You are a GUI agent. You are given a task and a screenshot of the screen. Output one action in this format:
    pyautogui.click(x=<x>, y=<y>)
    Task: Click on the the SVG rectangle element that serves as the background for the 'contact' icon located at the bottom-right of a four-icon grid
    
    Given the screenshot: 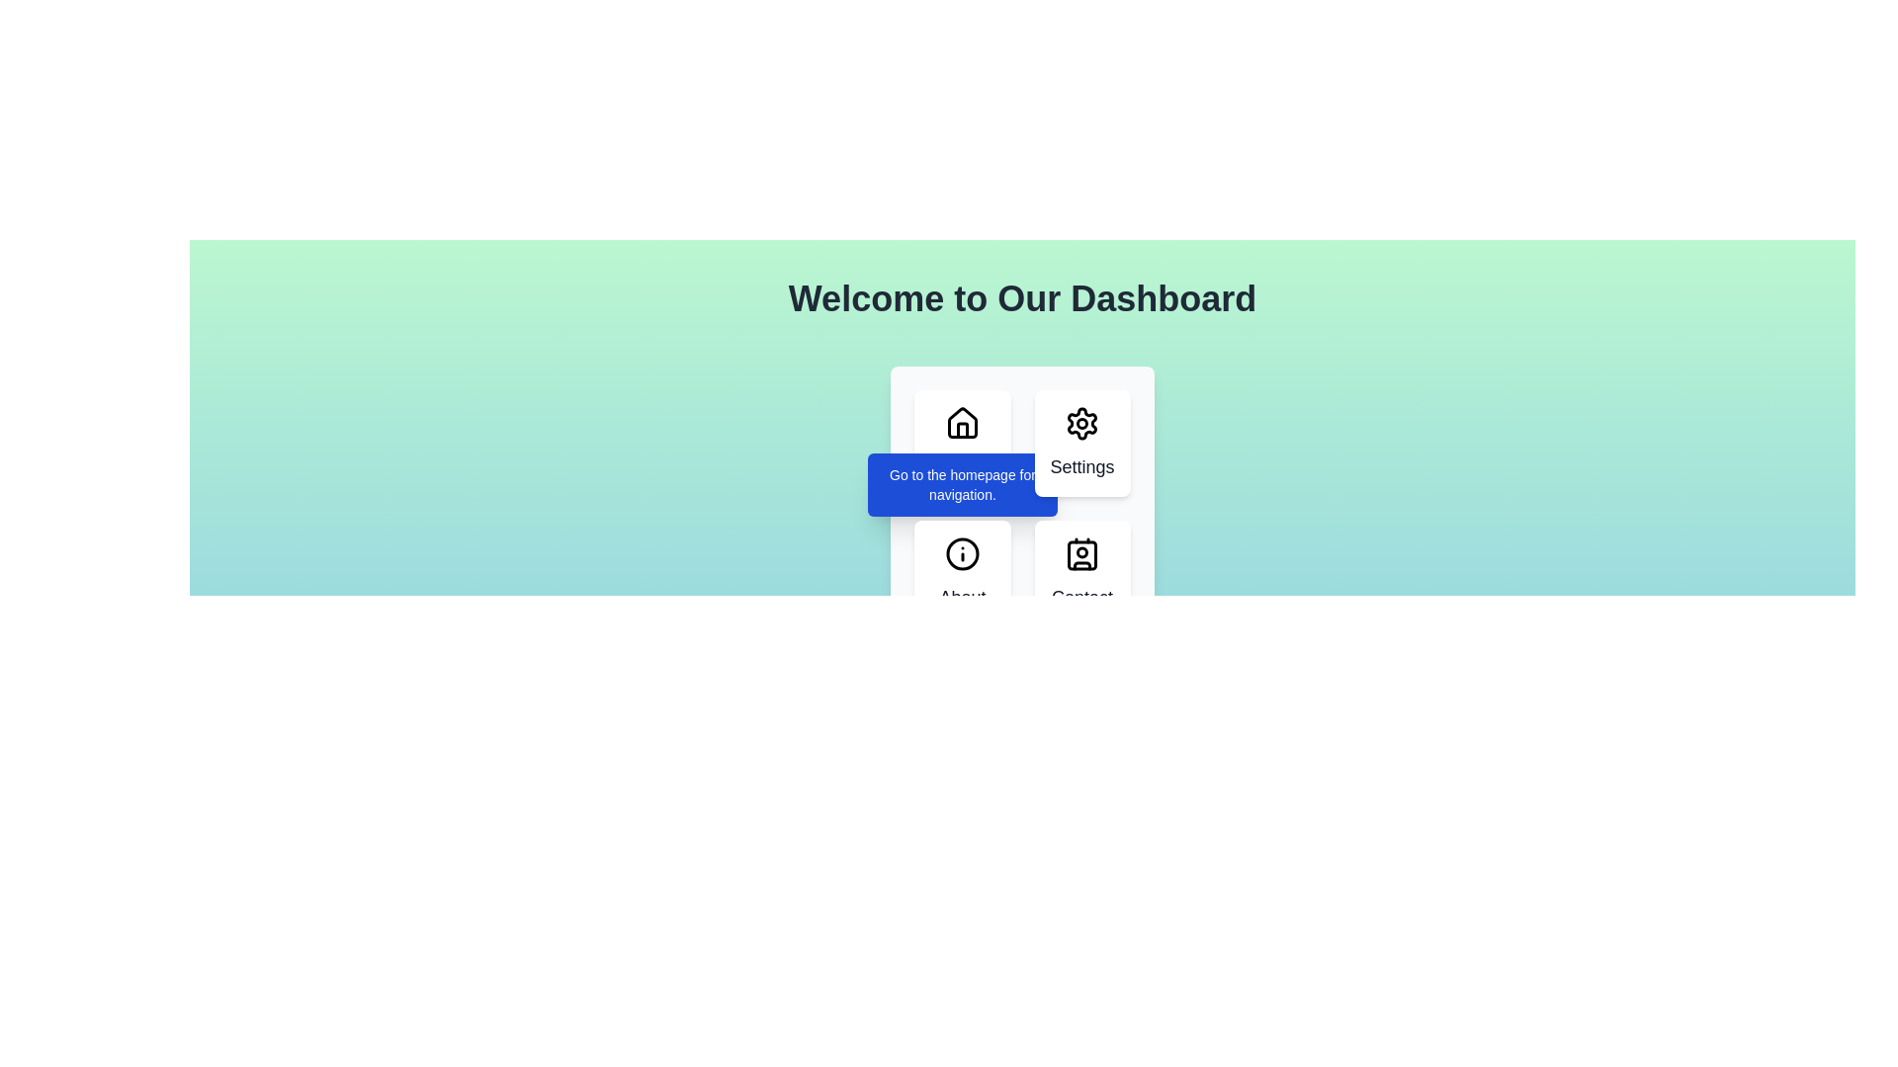 What is the action you would take?
    pyautogui.click(x=1080, y=555)
    